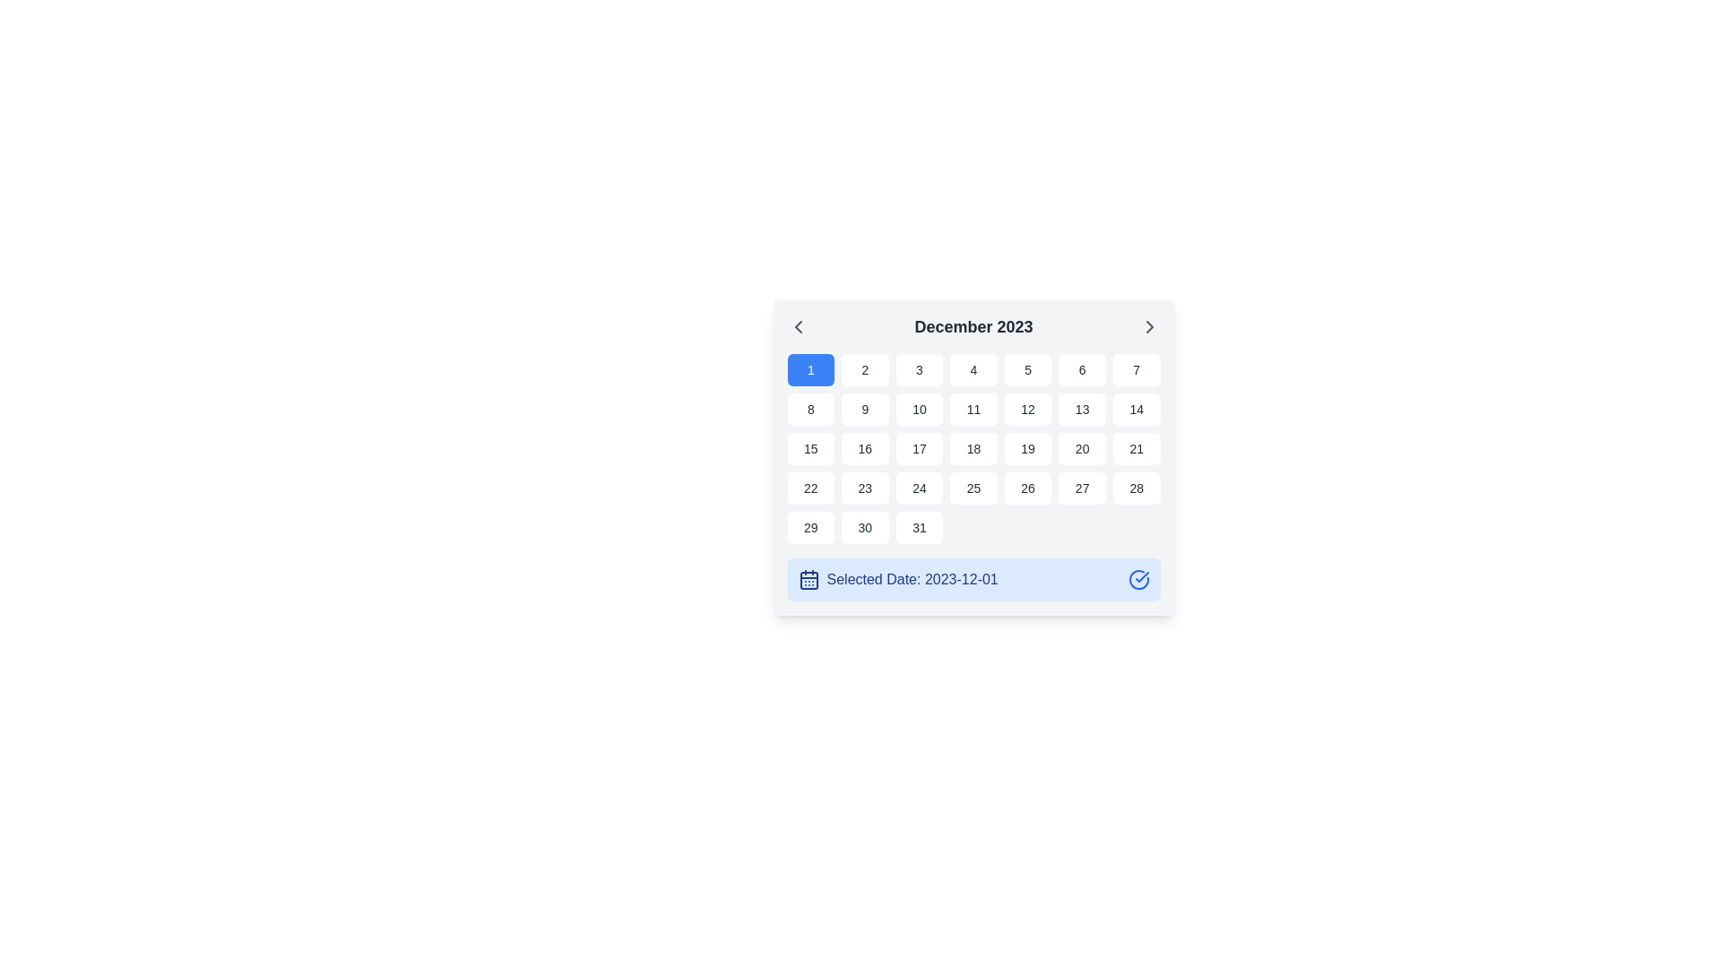  I want to click on the small blue checkmark vector icon located in the bottom-right corner of the circular check icon within the light blue bar displaying the selected date in the calendar widget, so click(1140, 577).